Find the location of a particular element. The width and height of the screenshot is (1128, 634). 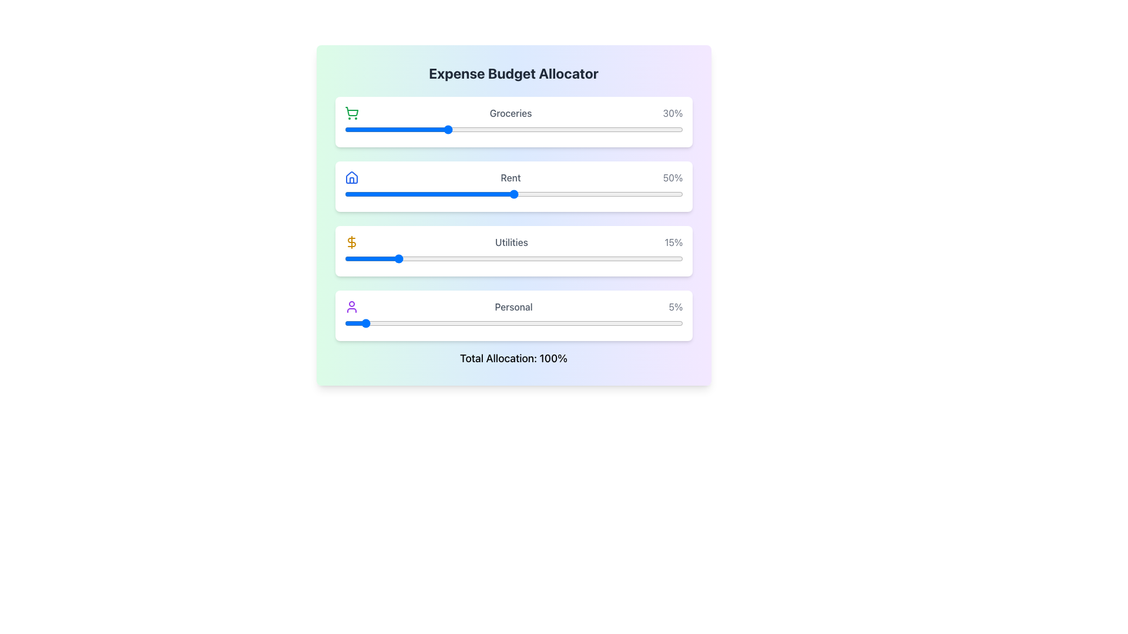

the static text label displaying '5%' for the 'Personal' category in the budget allocator interface, located at the far right of the 'Personal' row is located at coordinates (676, 306).